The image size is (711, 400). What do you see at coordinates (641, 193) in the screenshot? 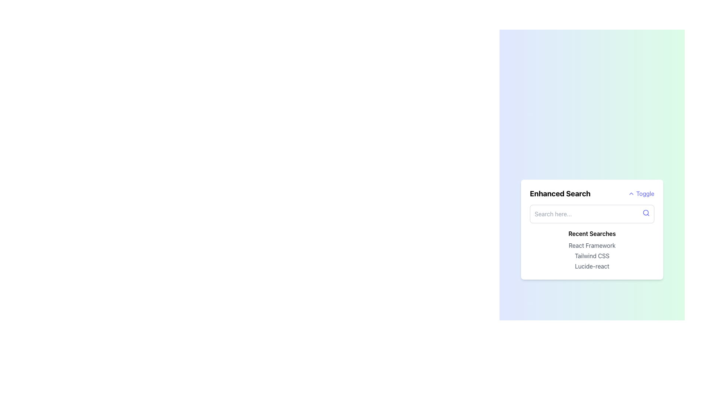
I see `the toggle button used to expand or collapse the 'Enhanced Search' panel, which is positioned to the far right in the header section` at bounding box center [641, 193].